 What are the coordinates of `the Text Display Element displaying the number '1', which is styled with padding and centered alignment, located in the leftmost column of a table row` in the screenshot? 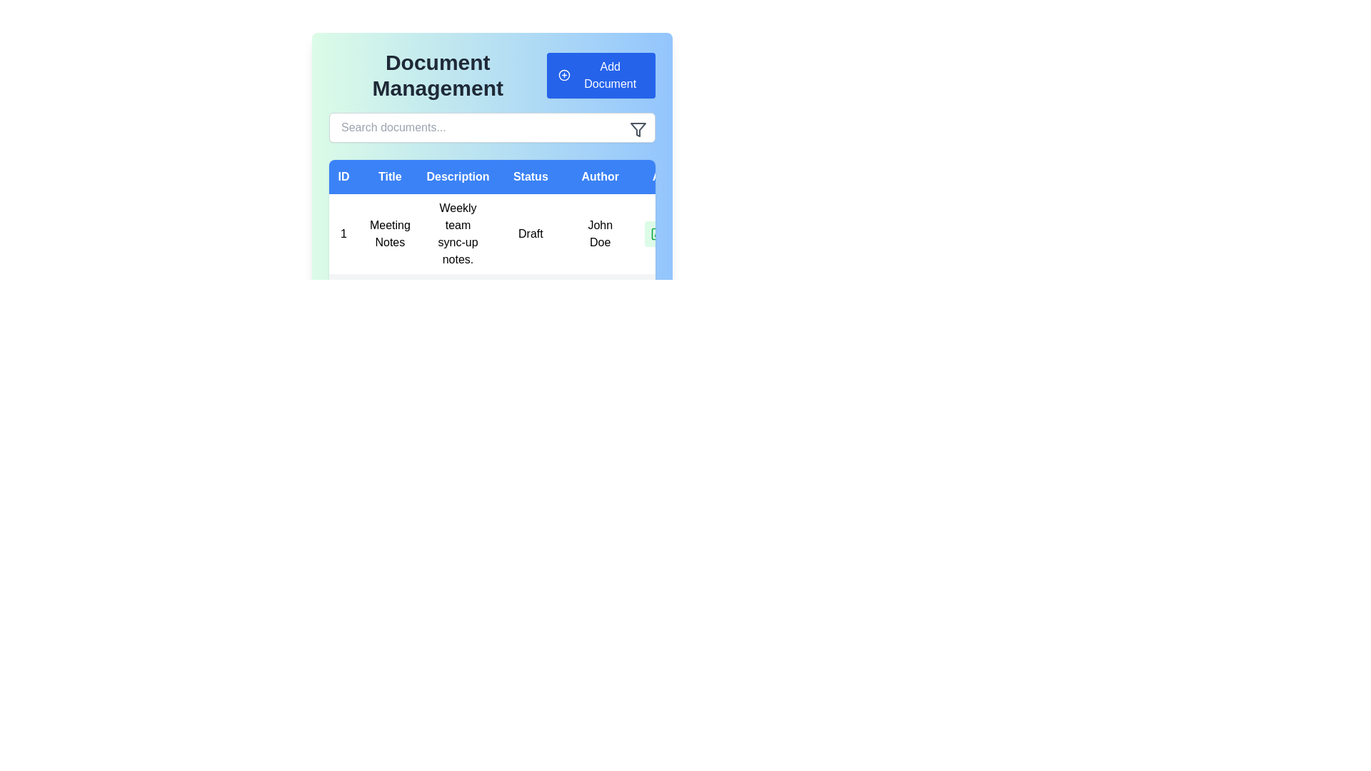 It's located at (343, 233).